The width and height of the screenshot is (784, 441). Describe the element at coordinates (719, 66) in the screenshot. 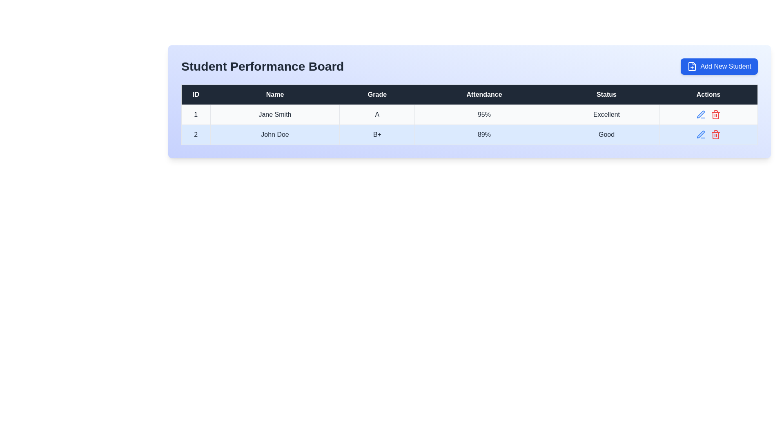

I see `the 'Add New Student' button, which is a bright blue rectangular button with white text and an icon, located in the top-right corner of the 'Student Performance Board' section` at that location.